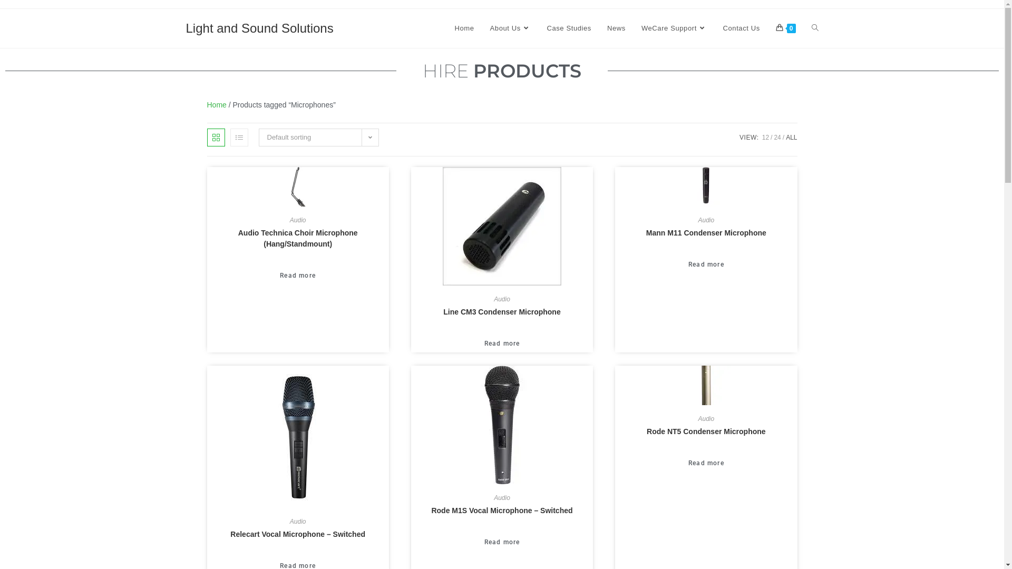 This screenshot has height=569, width=1012. Describe the element at coordinates (645, 232) in the screenshot. I see `'Mann M11 Condenser Microphone'` at that location.